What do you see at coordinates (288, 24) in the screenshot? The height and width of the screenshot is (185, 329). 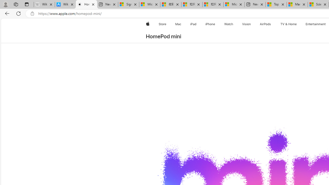 I see `'TV and Home'` at bounding box center [288, 24].